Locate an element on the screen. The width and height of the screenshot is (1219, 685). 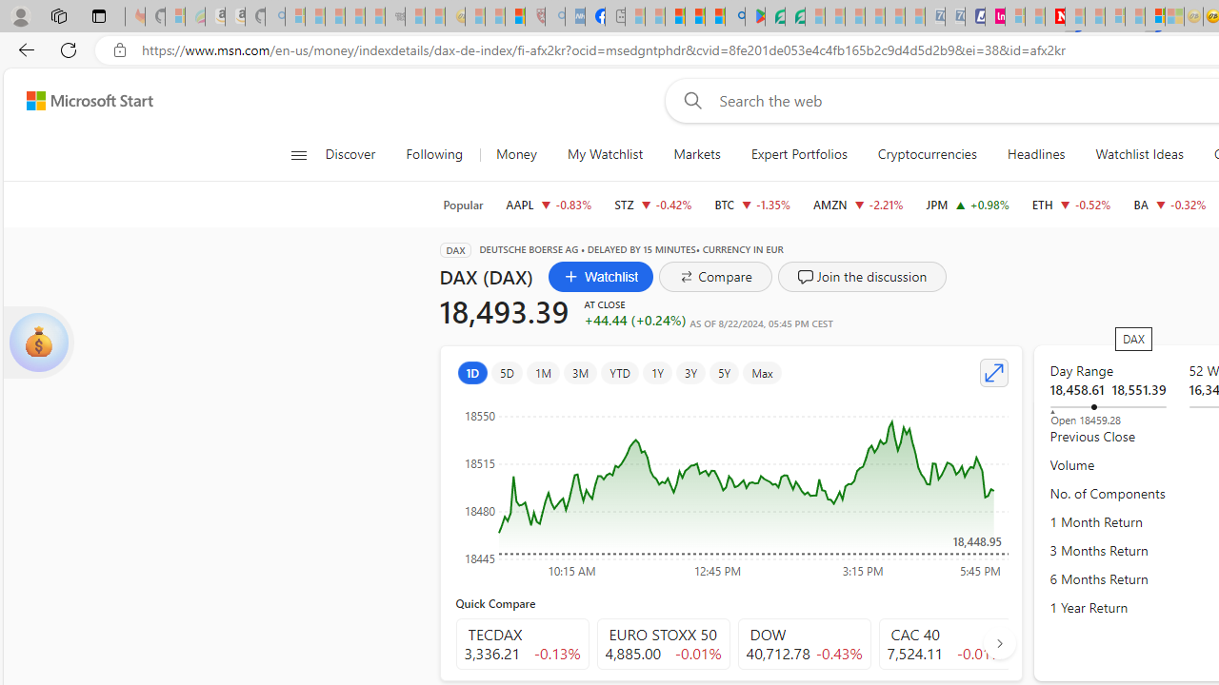
'JPM JPMORGAN CHASE & CO. increase 216.71 +2.11 +0.98%' is located at coordinates (968, 204).